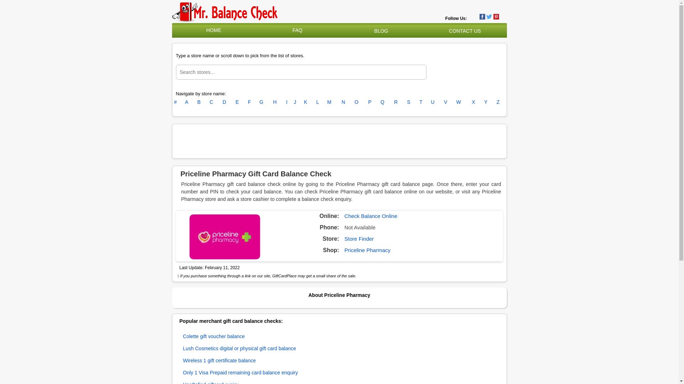 This screenshot has width=684, height=384. Describe the element at coordinates (329, 102) in the screenshot. I see `'M'` at that location.